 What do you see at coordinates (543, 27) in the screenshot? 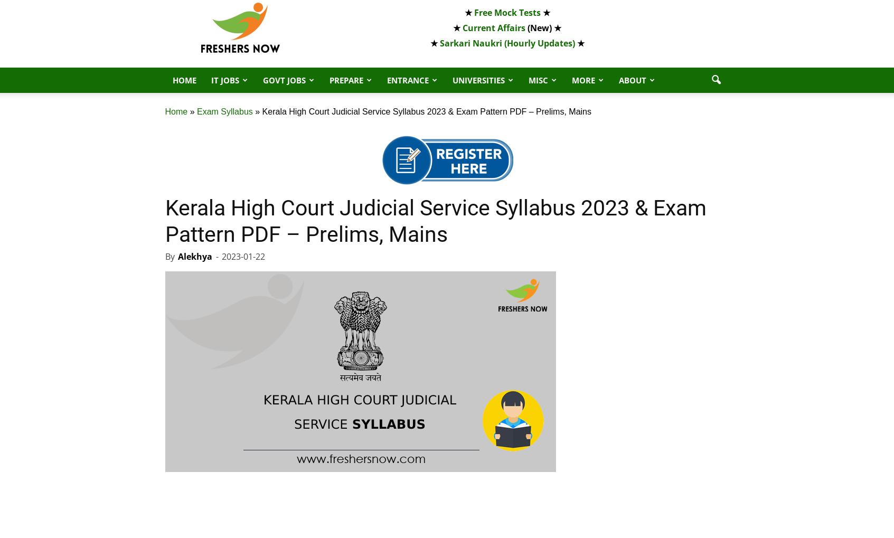
I see `'(New) ★'` at bounding box center [543, 27].